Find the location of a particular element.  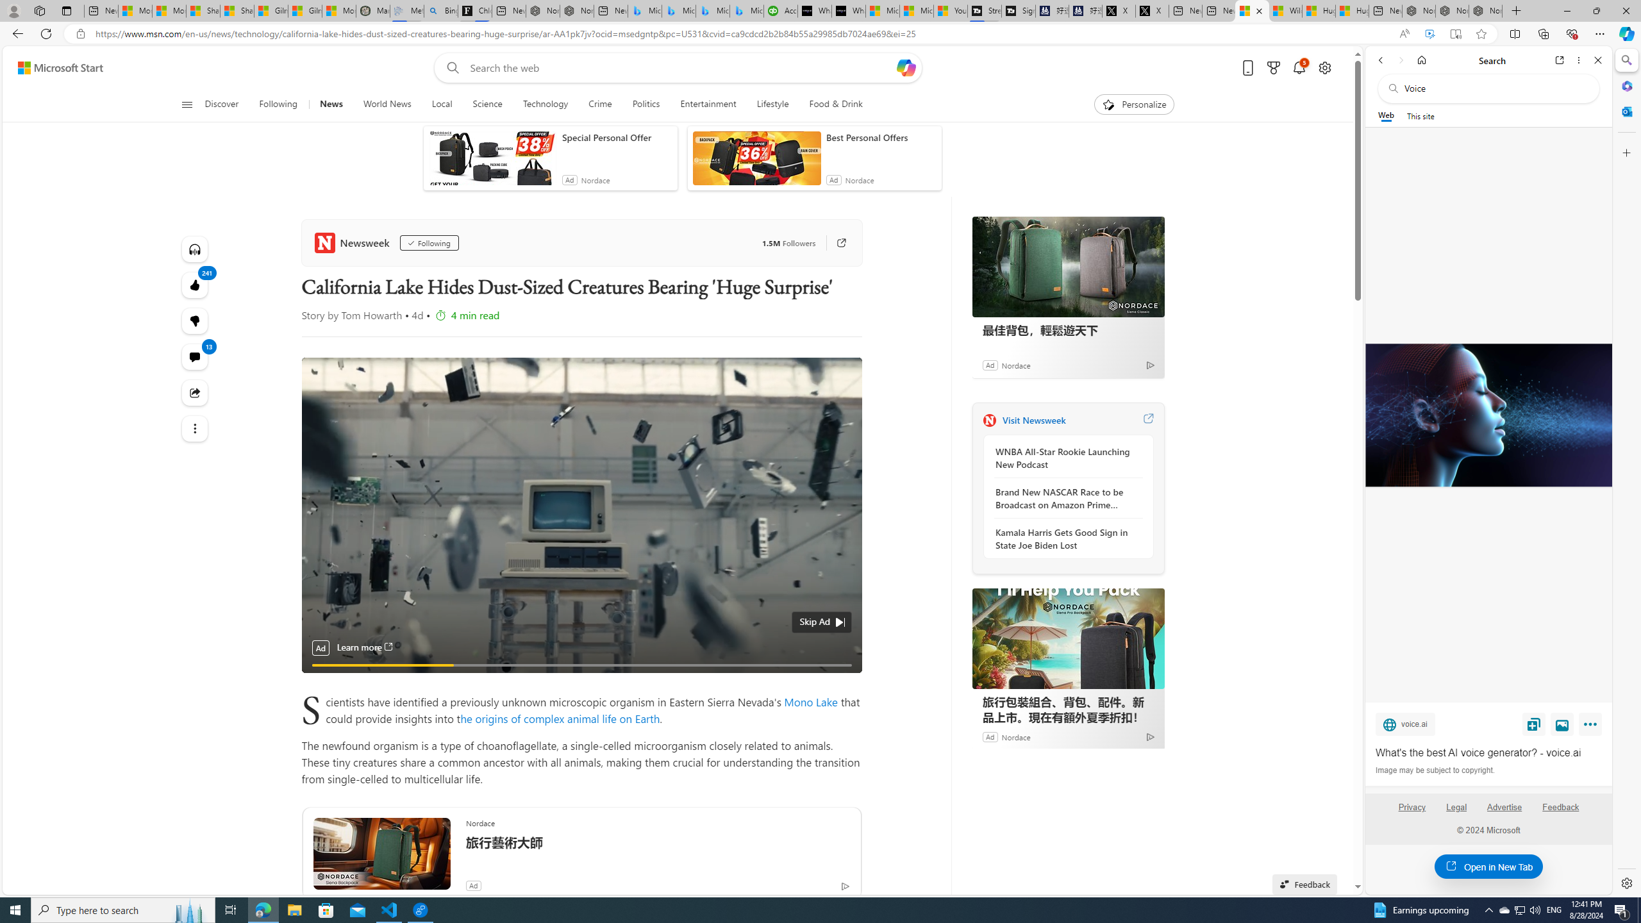

'Special Personal Offer' is located at coordinates (617, 137).